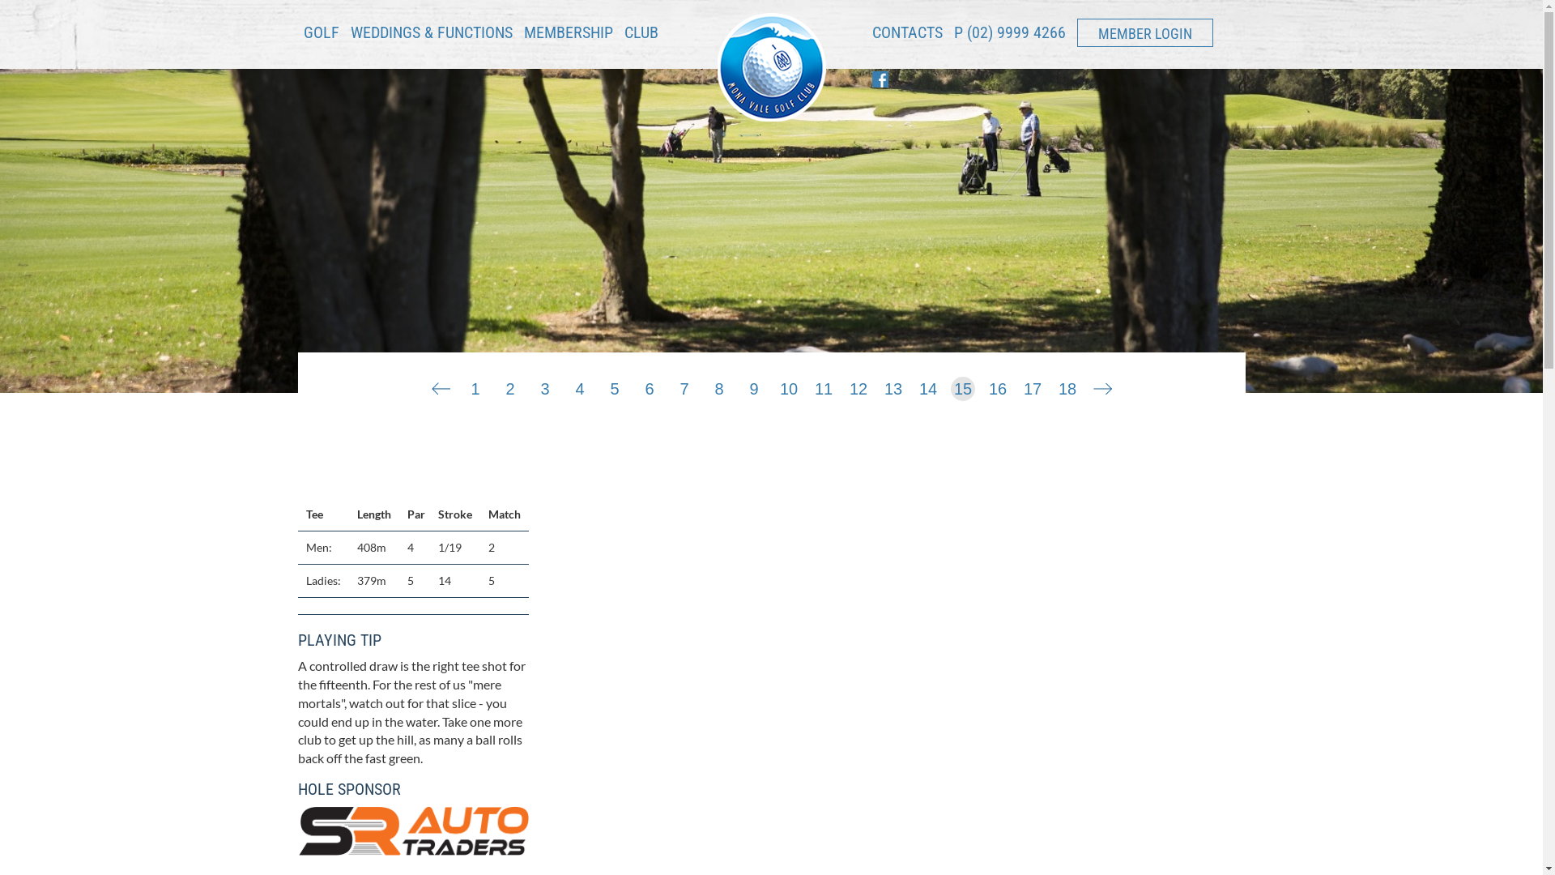 The height and width of the screenshot is (875, 1555). What do you see at coordinates (1144, 32) in the screenshot?
I see `'MEMBER LOGIN'` at bounding box center [1144, 32].